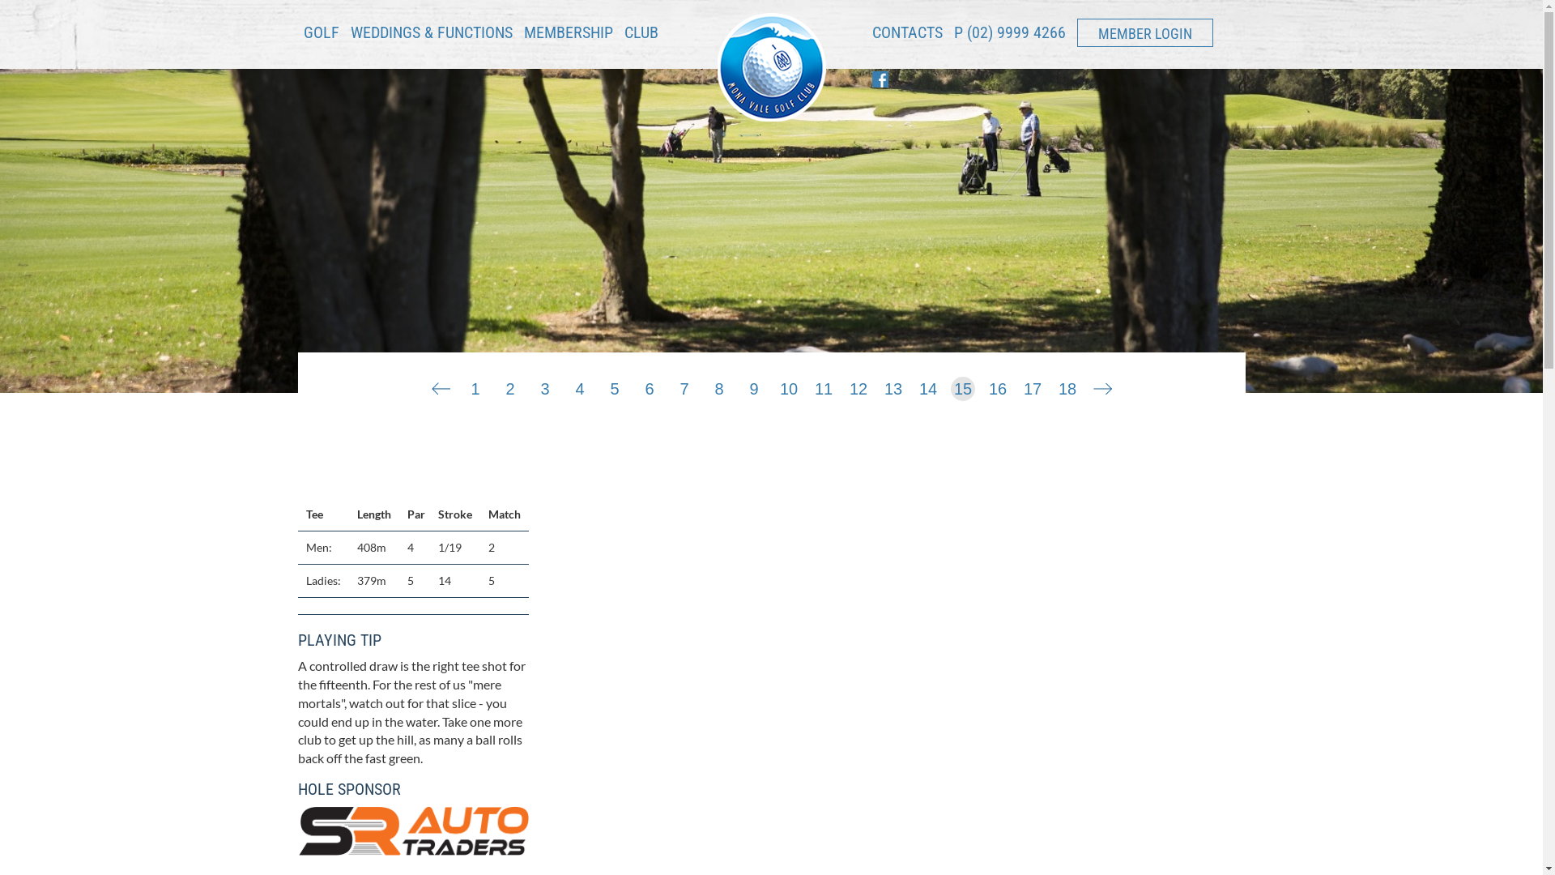 The height and width of the screenshot is (875, 1555). What do you see at coordinates (1144, 32) in the screenshot?
I see `'MEMBER LOGIN'` at bounding box center [1144, 32].